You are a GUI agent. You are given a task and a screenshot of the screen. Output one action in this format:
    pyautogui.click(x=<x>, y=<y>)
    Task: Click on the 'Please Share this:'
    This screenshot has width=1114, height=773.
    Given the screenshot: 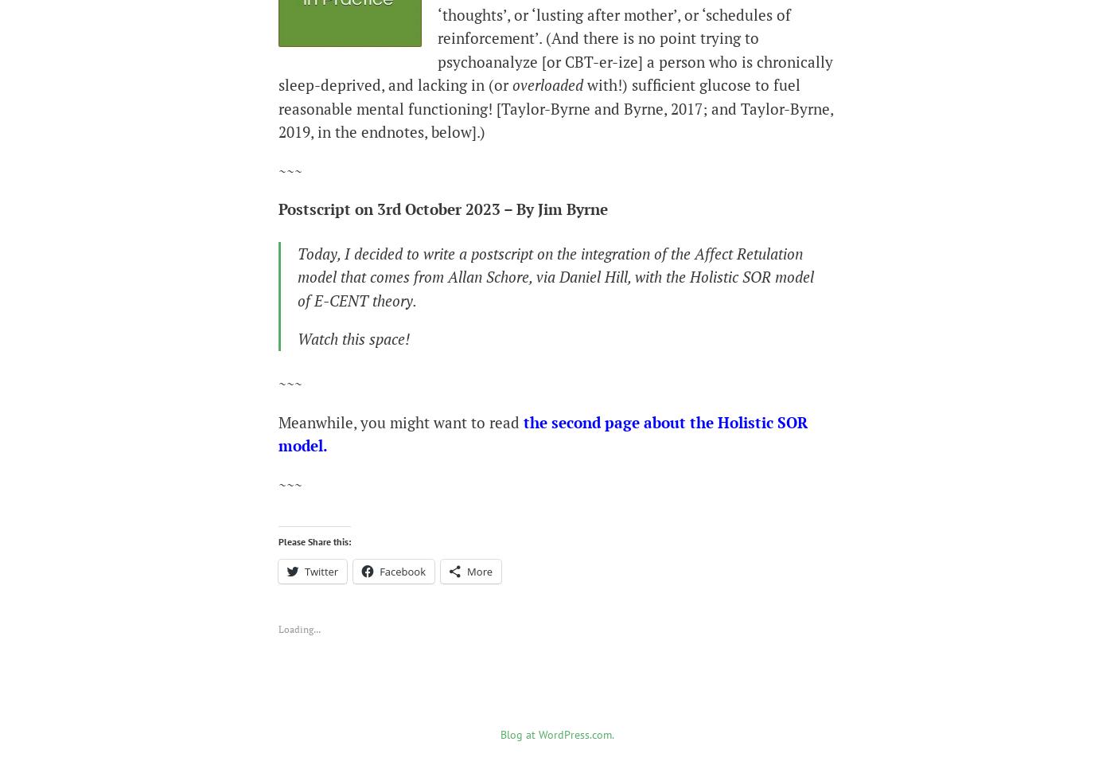 What is the action you would take?
    pyautogui.click(x=314, y=541)
    